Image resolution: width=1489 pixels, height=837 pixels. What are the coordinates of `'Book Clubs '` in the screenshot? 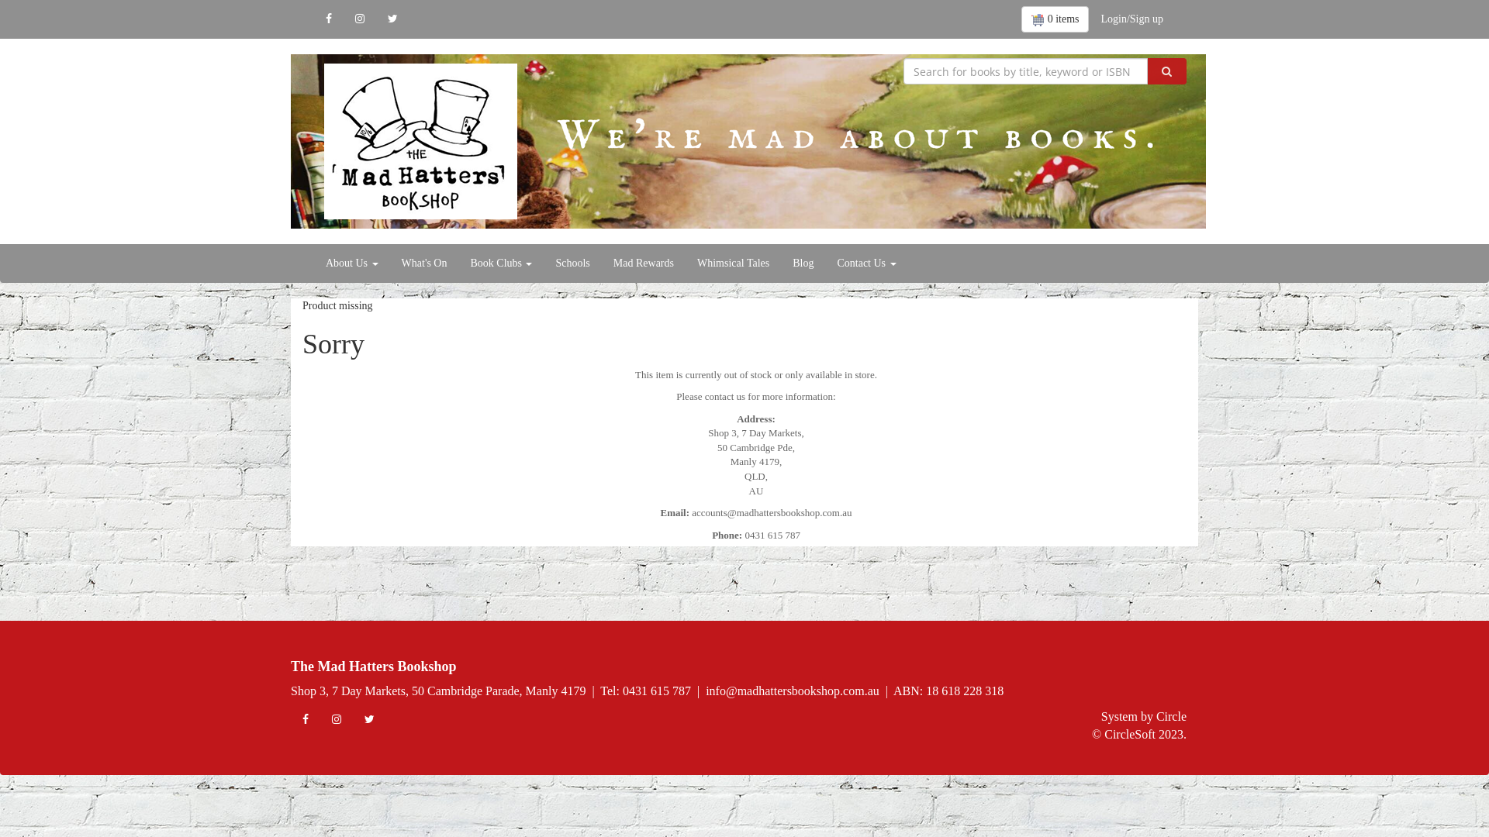 It's located at (501, 262).